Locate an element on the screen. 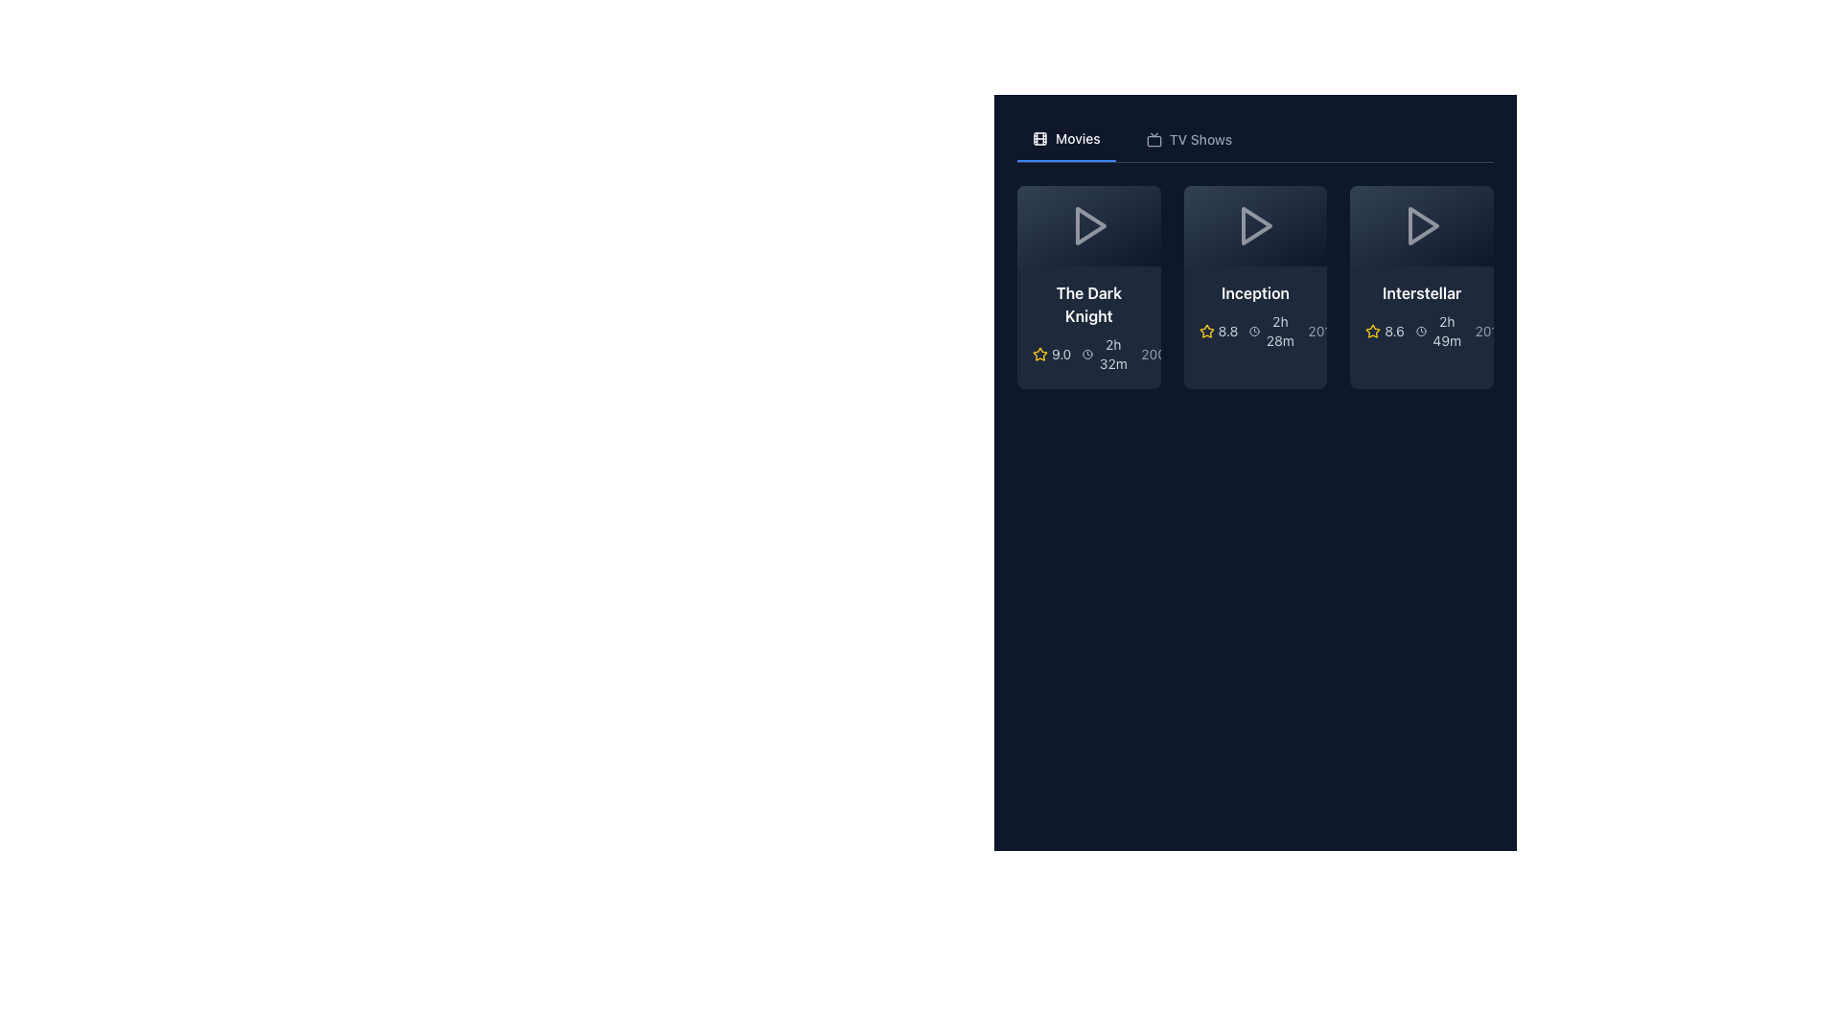  the movie card for 'Interstellar' to interact with it, located in the third column of the grid layout under the 'Movies' header is located at coordinates (1422, 287).